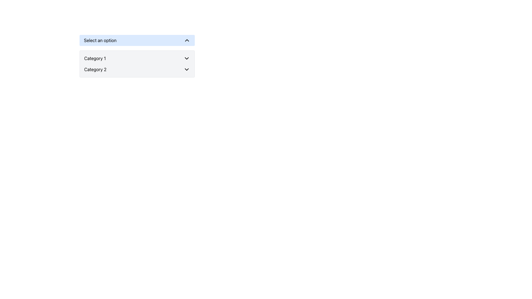  I want to click on the text label displaying 'Category 2' in the dropdown menu, which is located directly below the 'Category 1' label, so click(95, 69).